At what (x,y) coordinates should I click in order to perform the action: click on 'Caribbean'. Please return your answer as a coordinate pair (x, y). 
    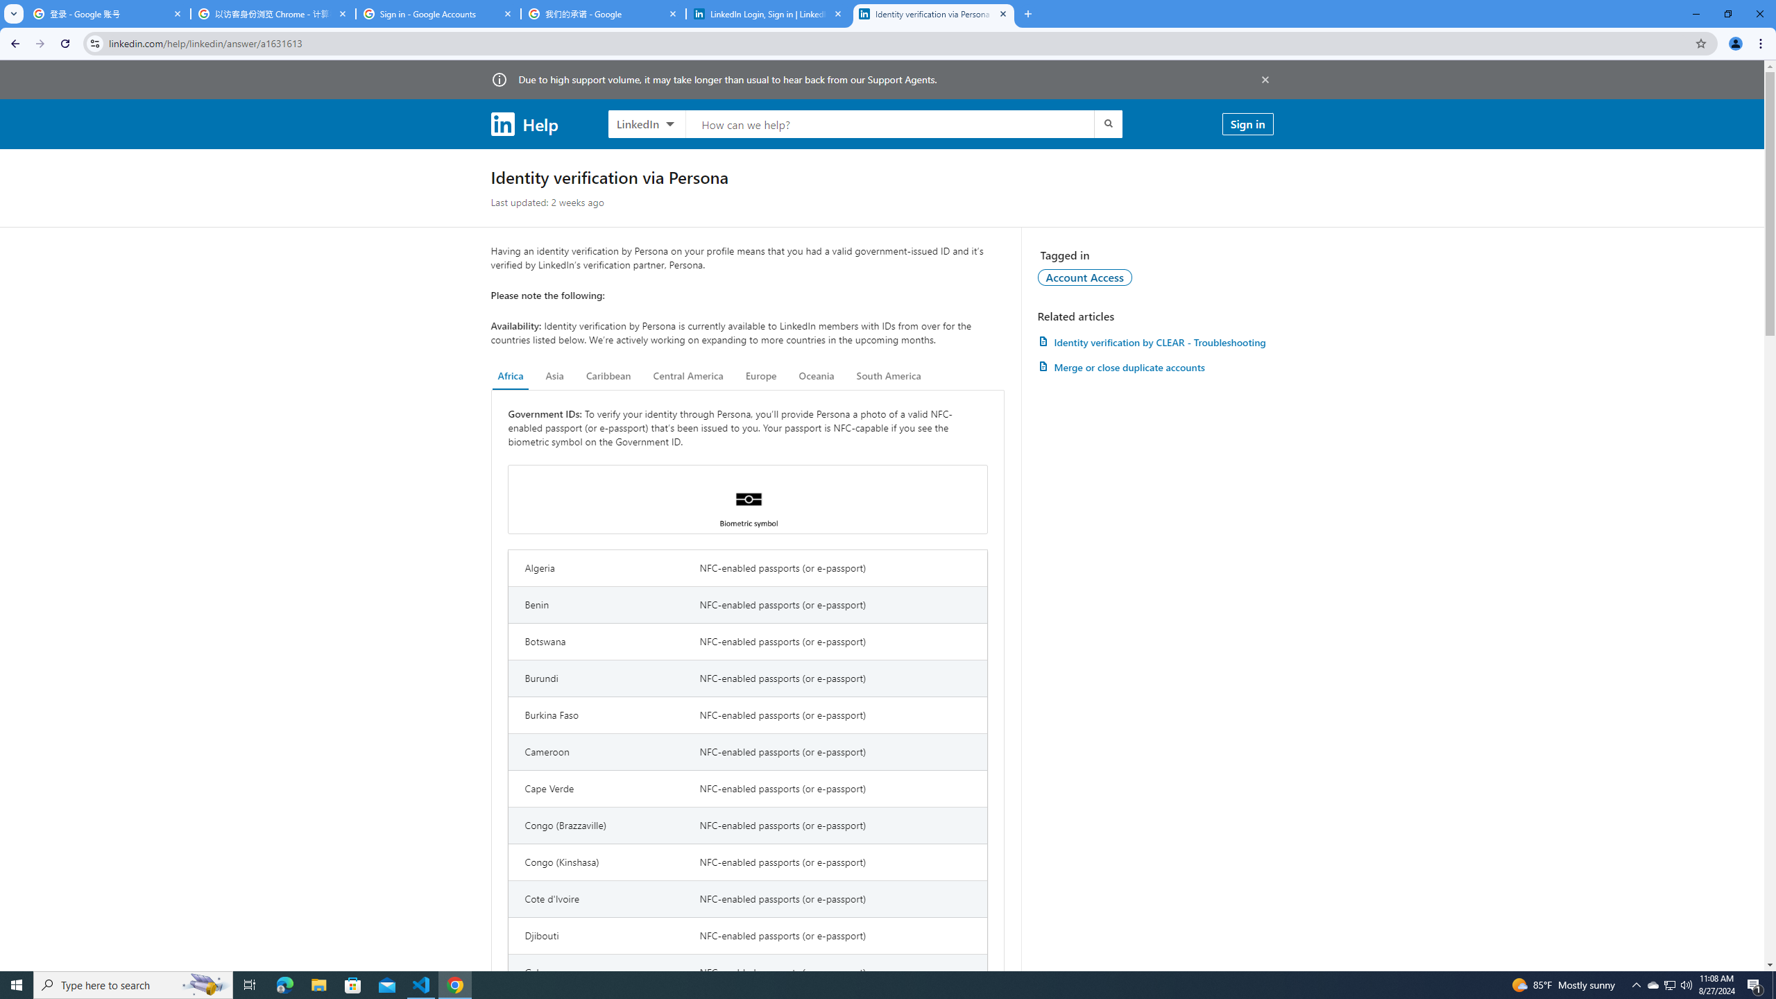
    Looking at the image, I should click on (608, 375).